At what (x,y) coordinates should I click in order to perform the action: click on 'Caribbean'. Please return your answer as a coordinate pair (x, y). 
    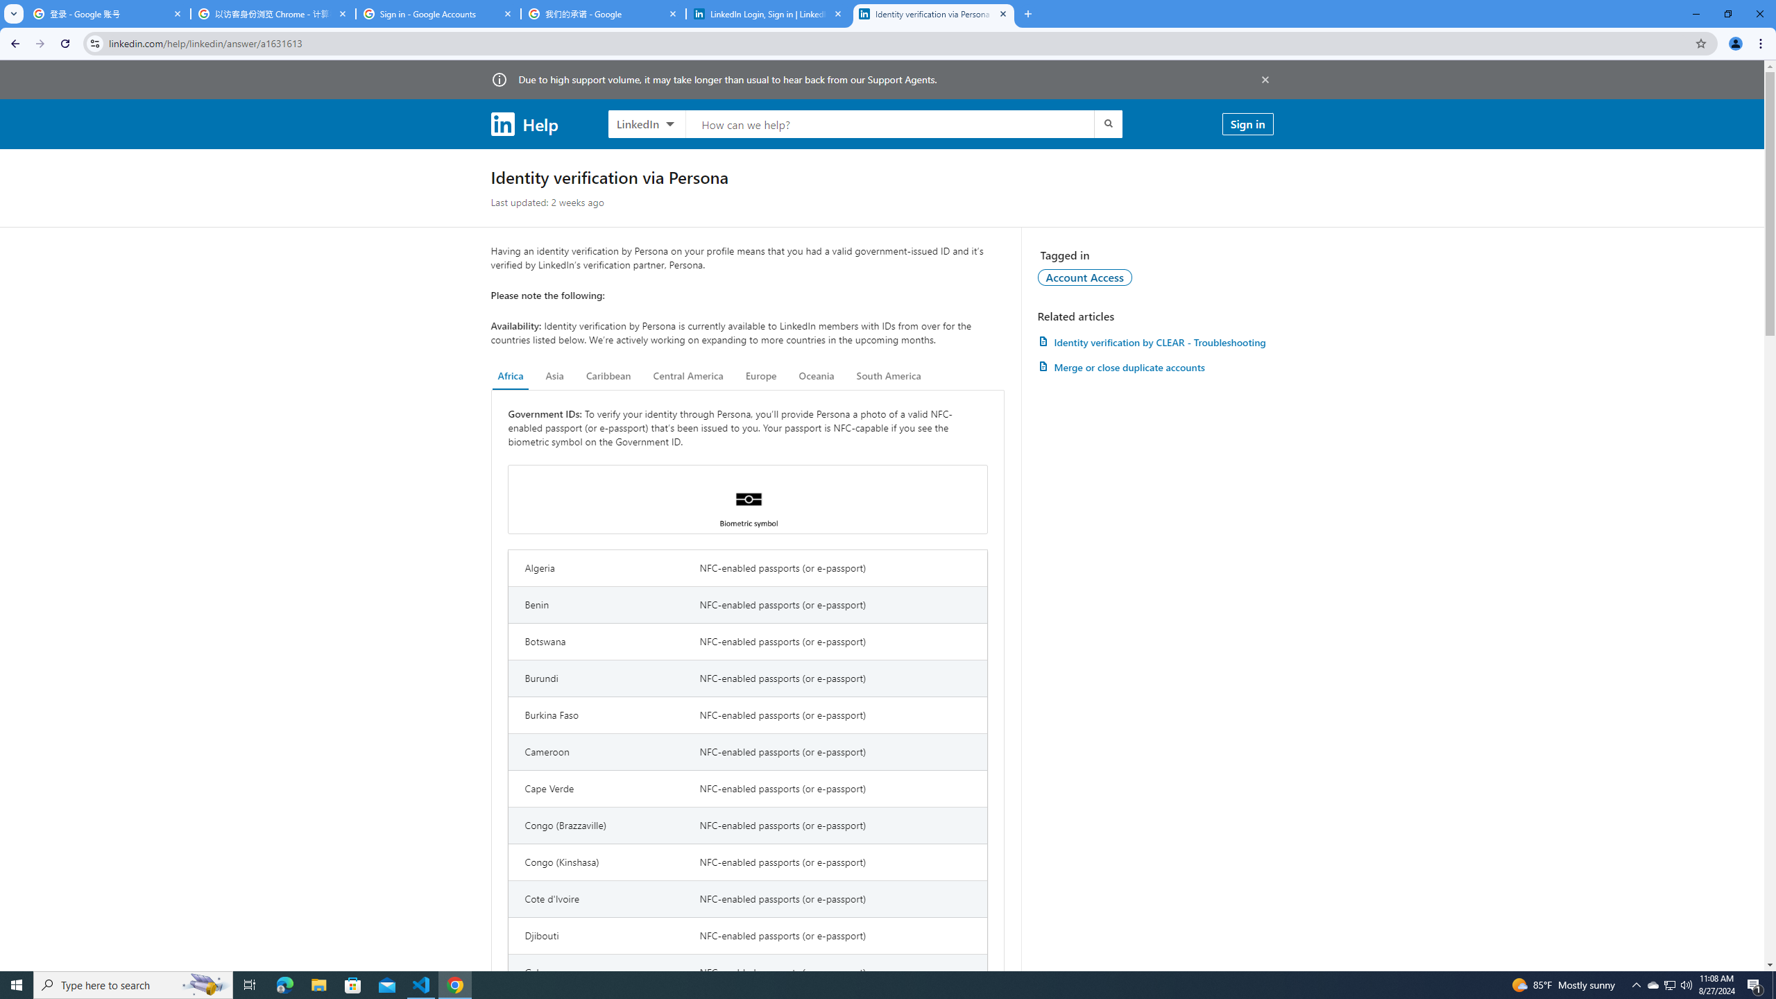
    Looking at the image, I should click on (608, 375).